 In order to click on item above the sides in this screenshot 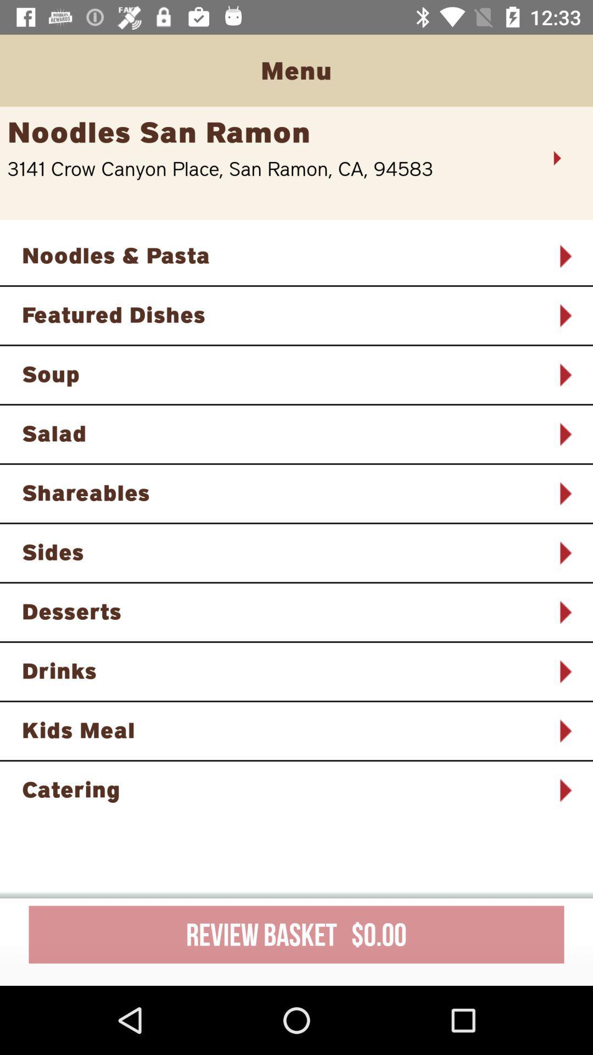, I will do `click(282, 492)`.